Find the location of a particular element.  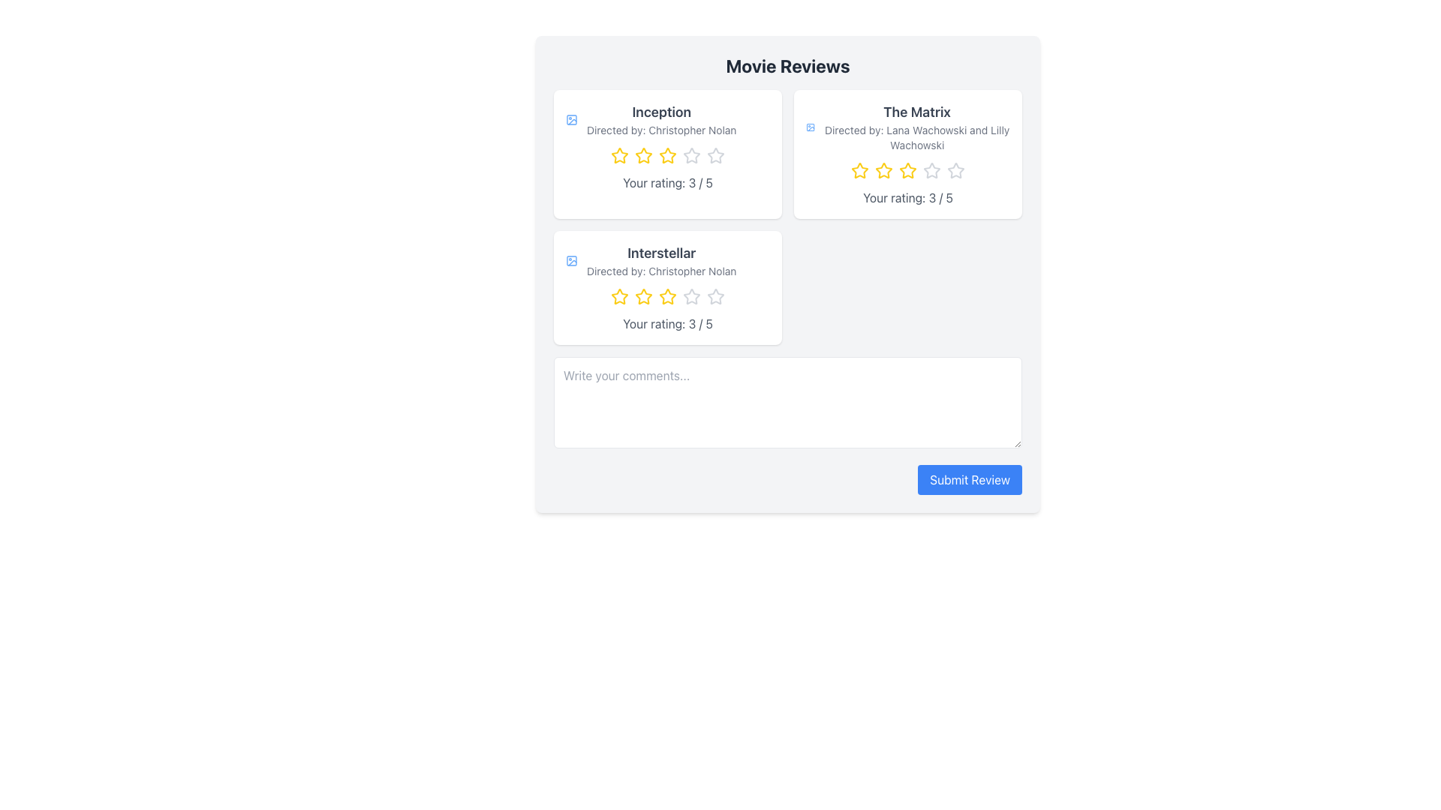

the icon representing the image associated with 'The Matrix' located at the top left corner of the card is located at coordinates (810, 126).